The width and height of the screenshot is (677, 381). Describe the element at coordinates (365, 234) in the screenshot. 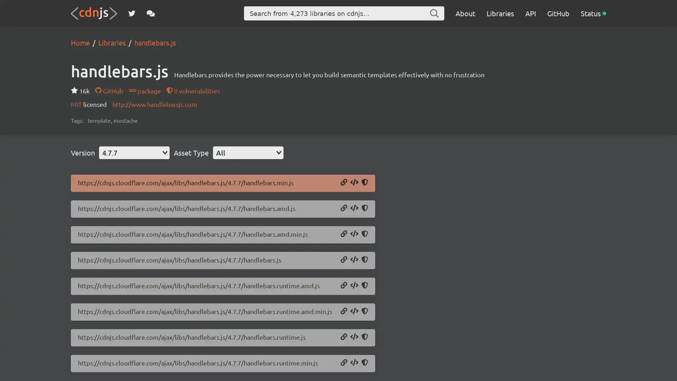

I see `Copy SRI Hash` at that location.